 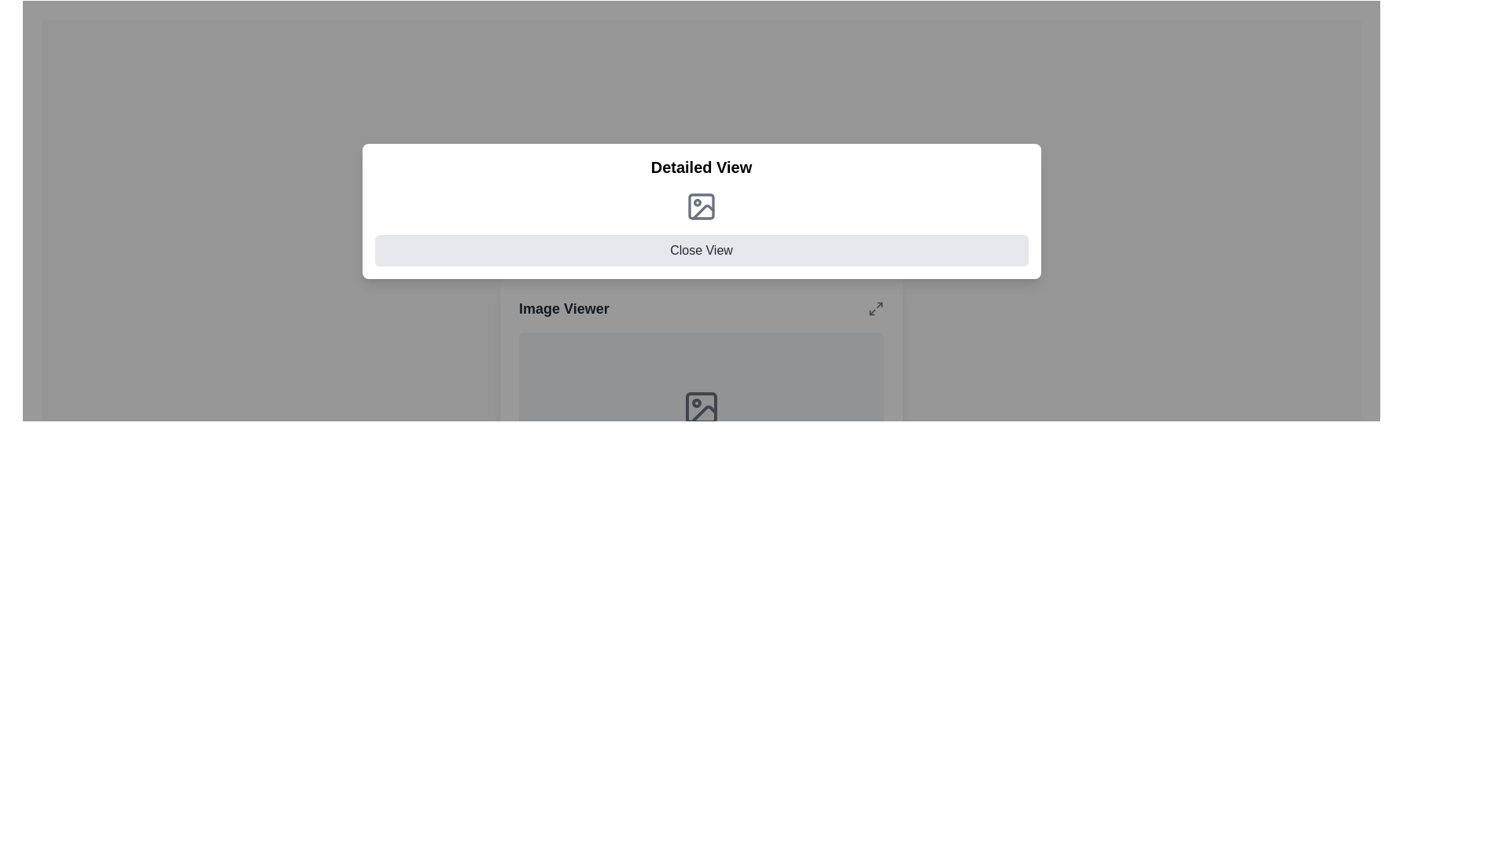 What do you see at coordinates (701, 249) in the screenshot?
I see `the 'Close View' button` at bounding box center [701, 249].